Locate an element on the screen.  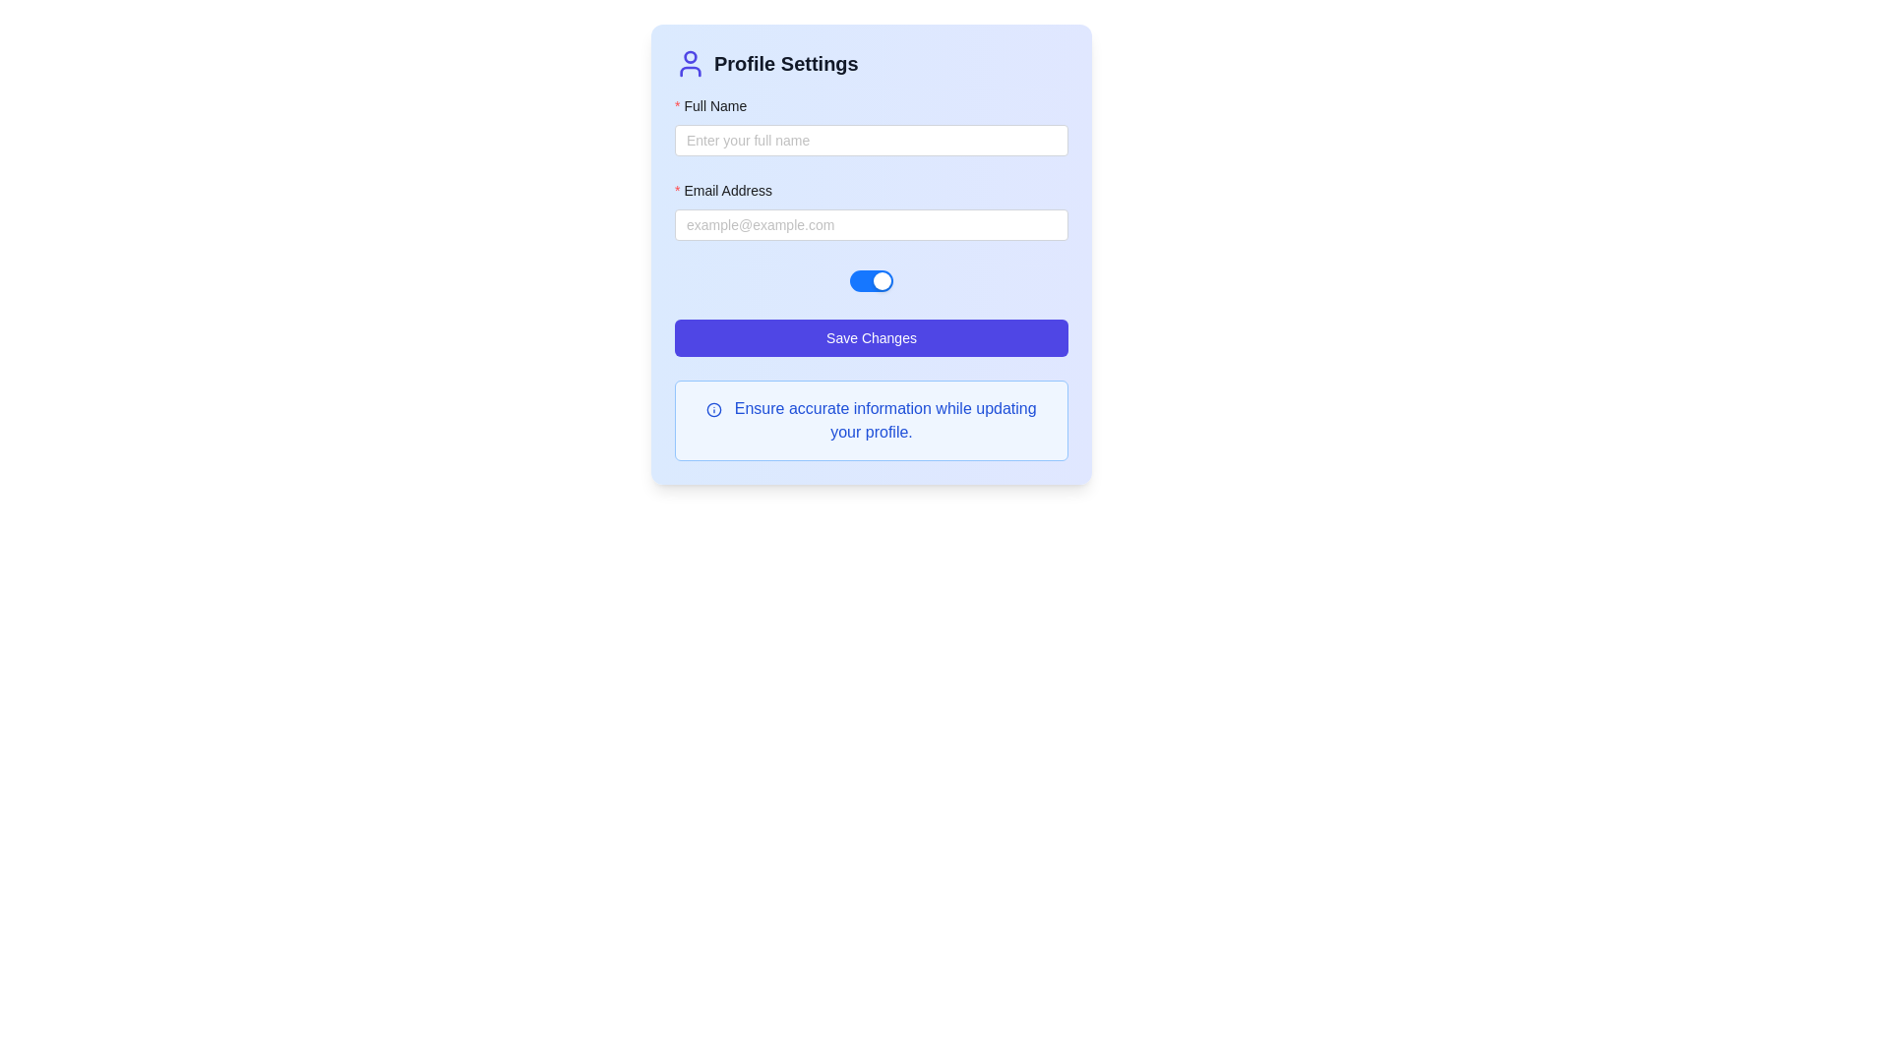
the toggle switch with a blue background and a white circular handle is located at coordinates (871, 280).